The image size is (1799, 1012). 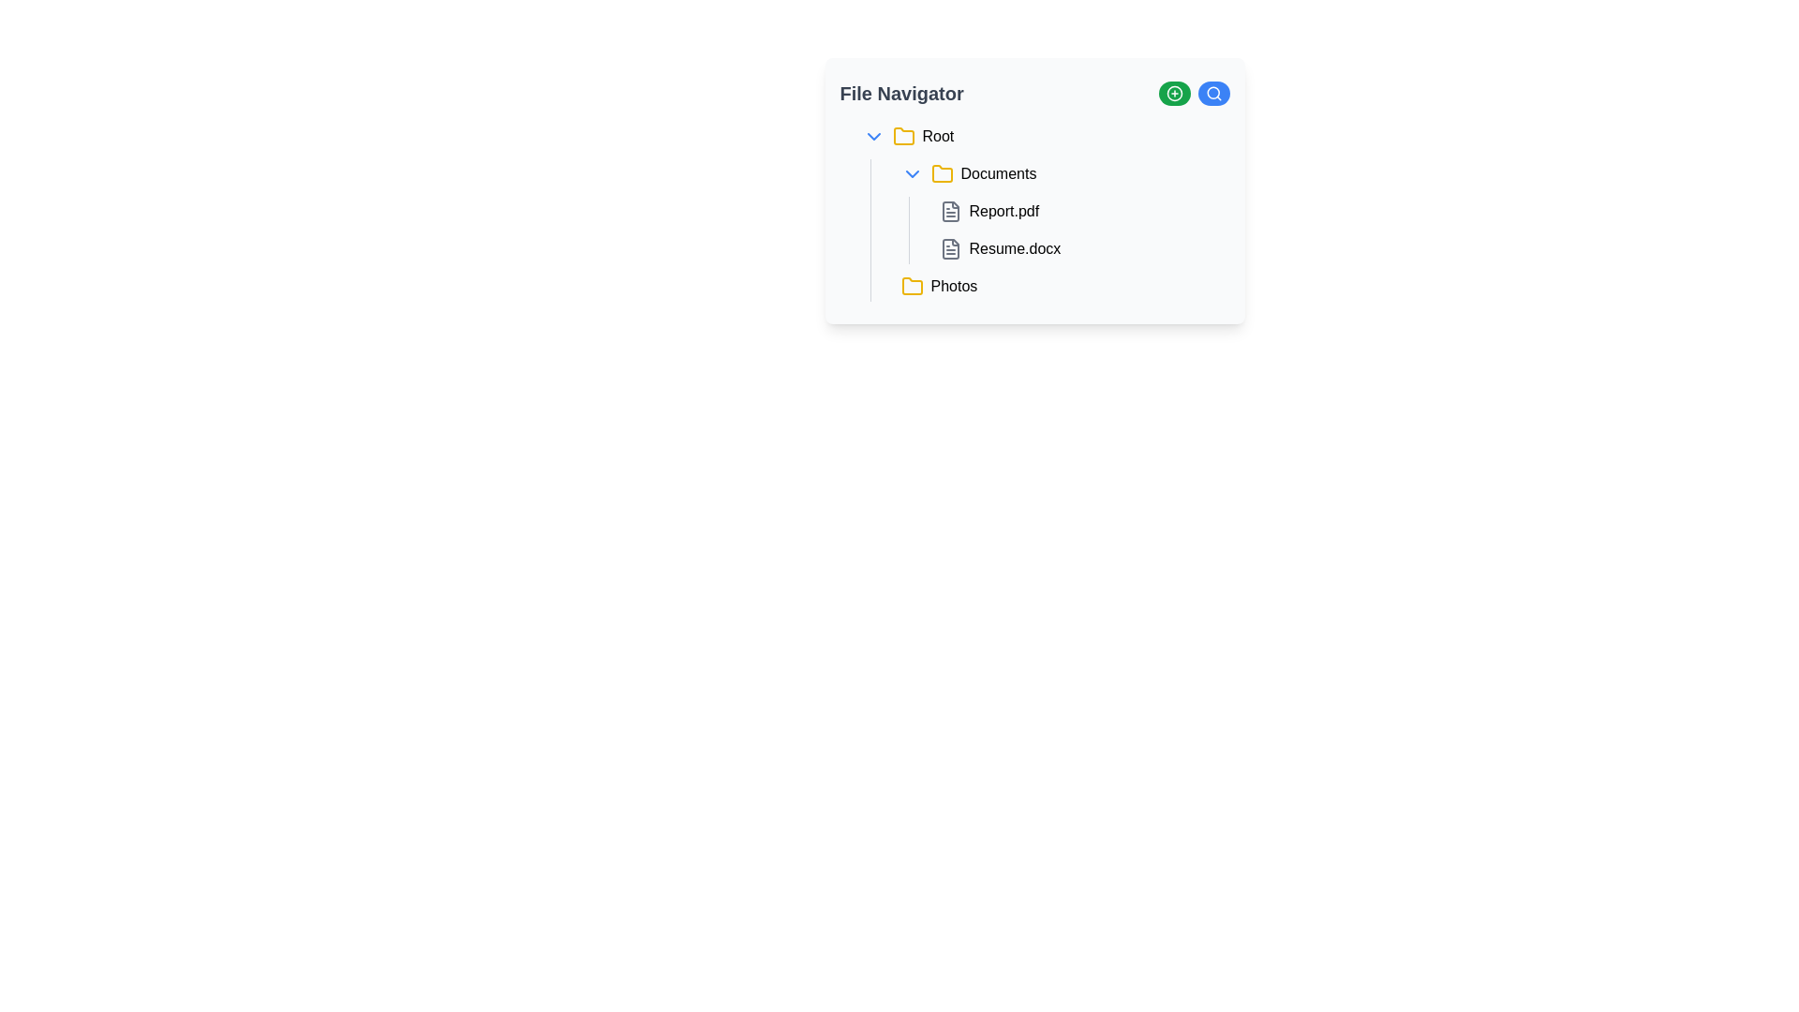 I want to click on the file entry labeled 'Resume.docx', so click(x=1080, y=248).